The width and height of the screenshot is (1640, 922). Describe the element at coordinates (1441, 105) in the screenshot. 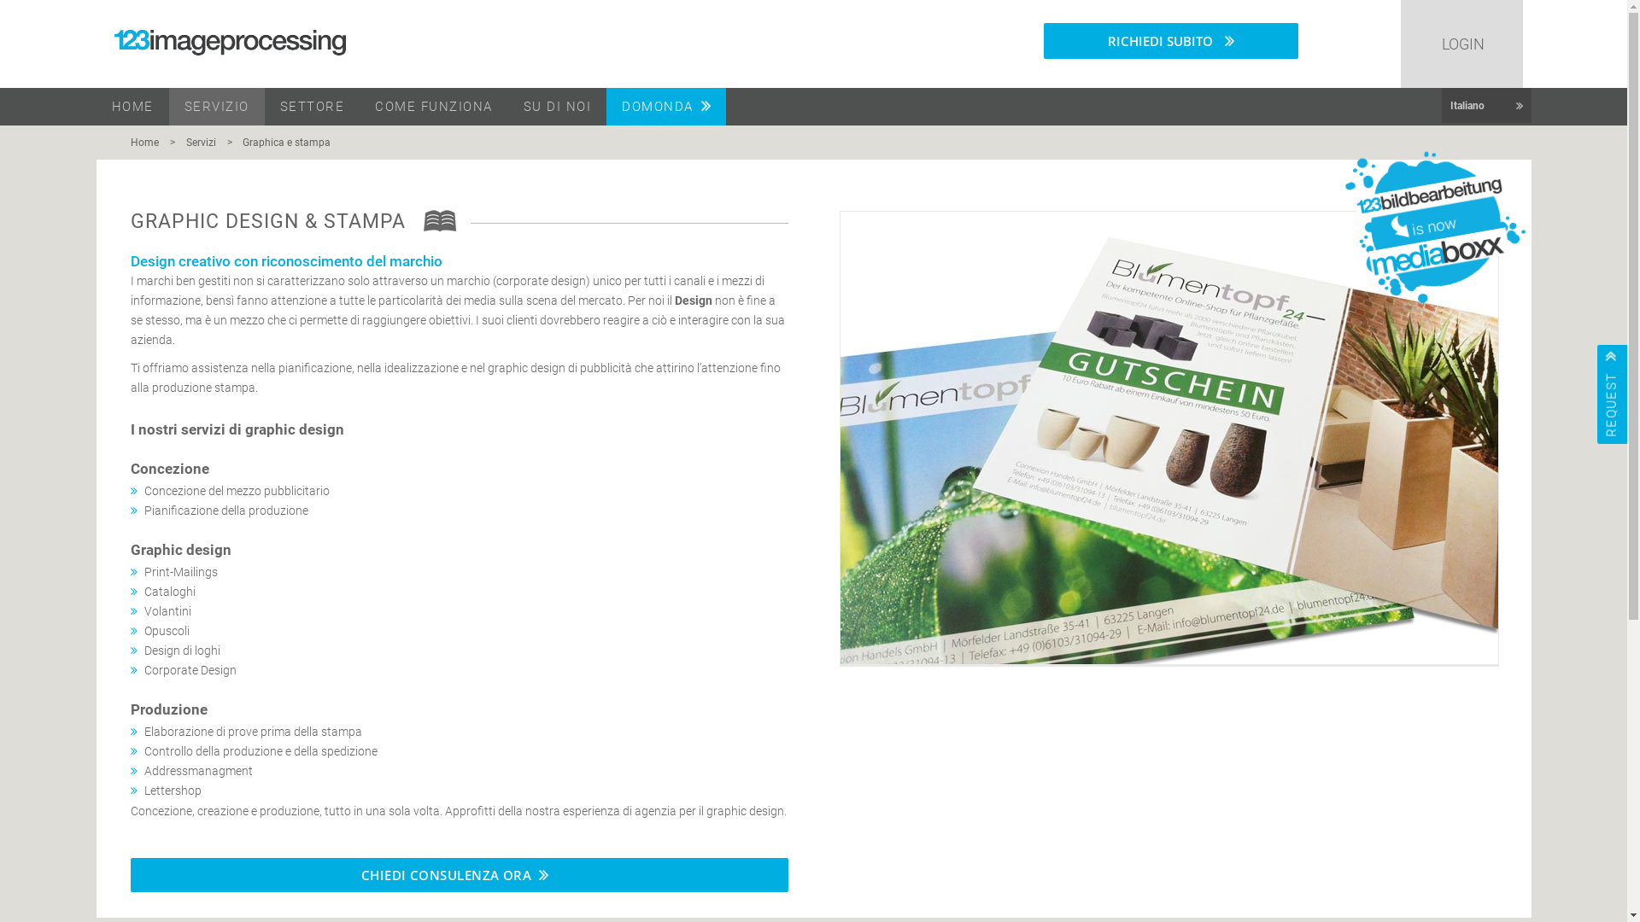

I see `'Italiano'` at that location.